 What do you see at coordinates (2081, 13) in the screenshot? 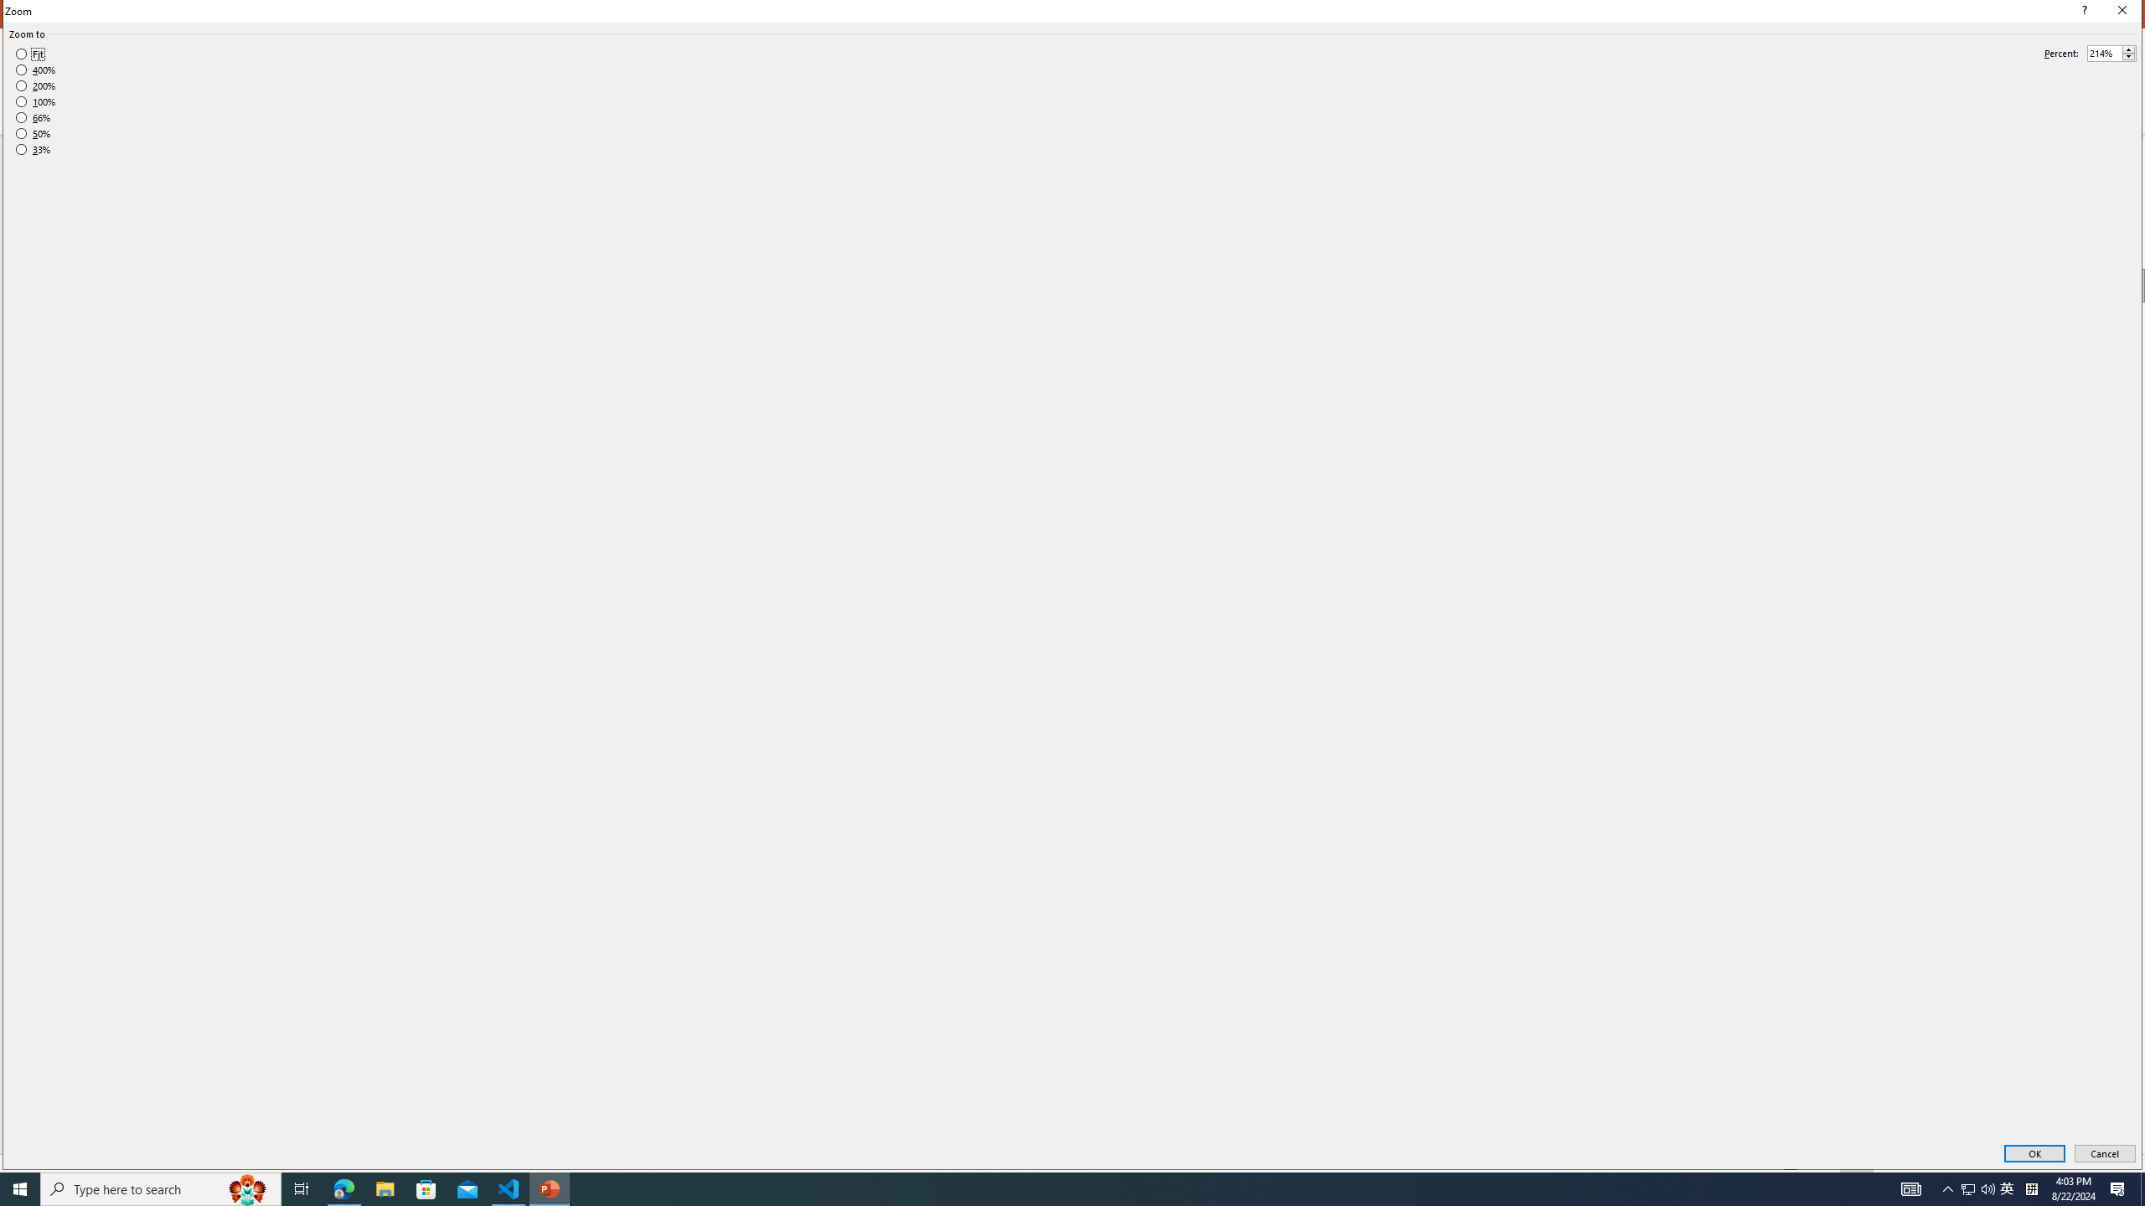
I see `'Context help'` at bounding box center [2081, 13].